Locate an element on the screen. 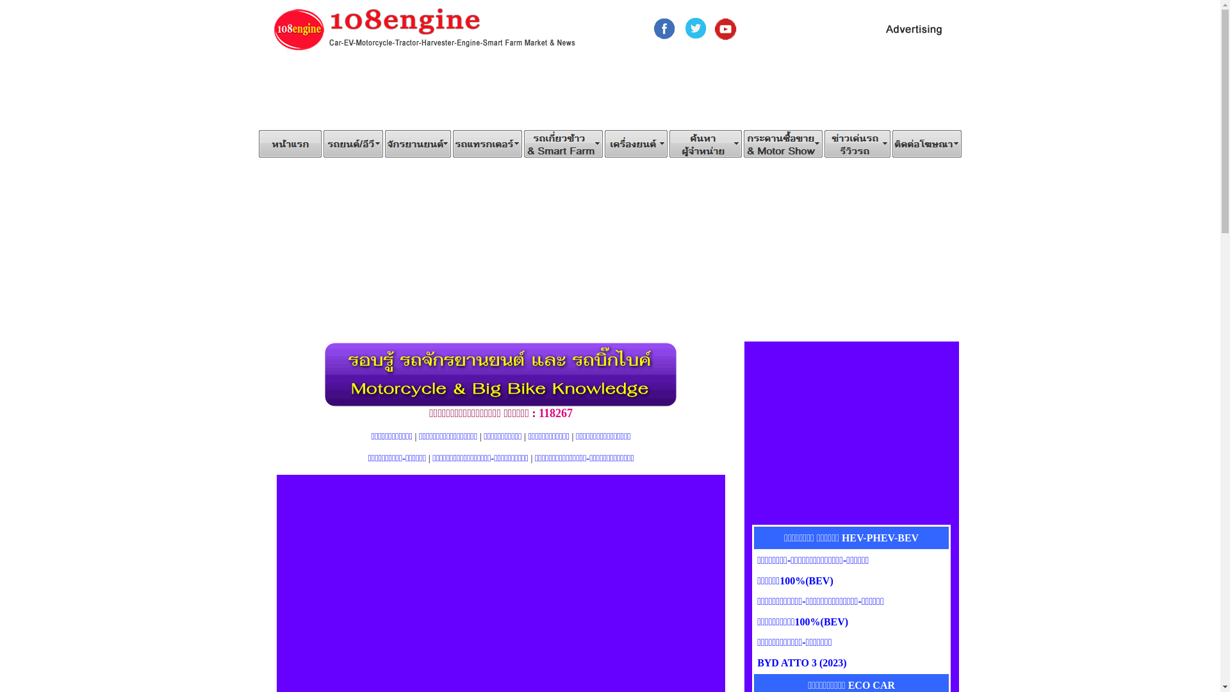 This screenshot has width=1230, height=692. 'YouTube108engine' is located at coordinates (712, 29).